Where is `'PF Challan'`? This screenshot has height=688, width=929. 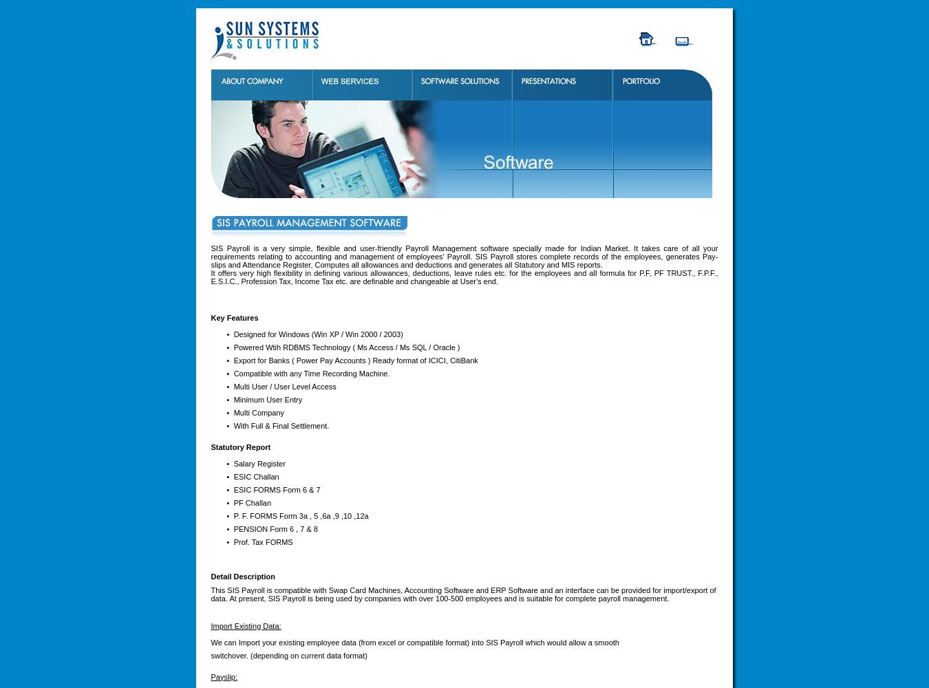 'PF Challan' is located at coordinates (252, 502).